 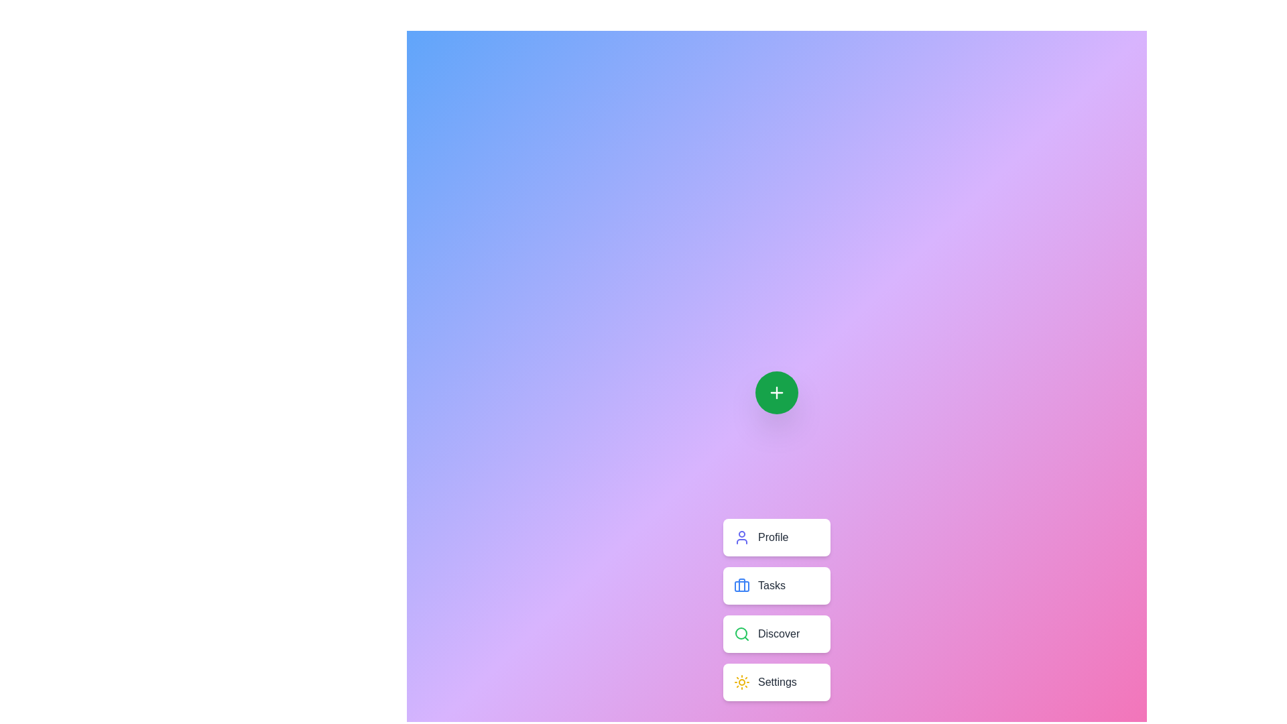 What do you see at coordinates (776, 682) in the screenshot?
I see `the 'Settings' button to select it` at bounding box center [776, 682].